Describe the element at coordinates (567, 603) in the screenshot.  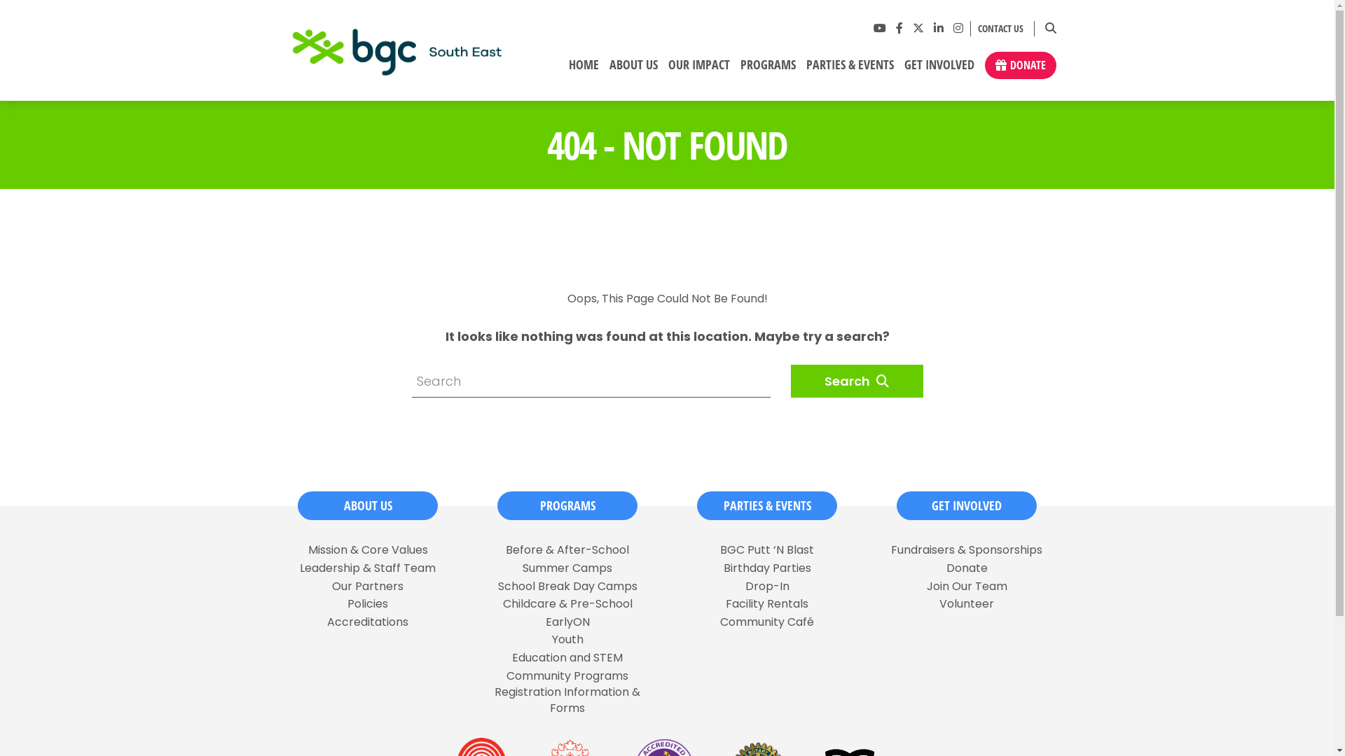
I see `'Childcare & Pre-School'` at that location.